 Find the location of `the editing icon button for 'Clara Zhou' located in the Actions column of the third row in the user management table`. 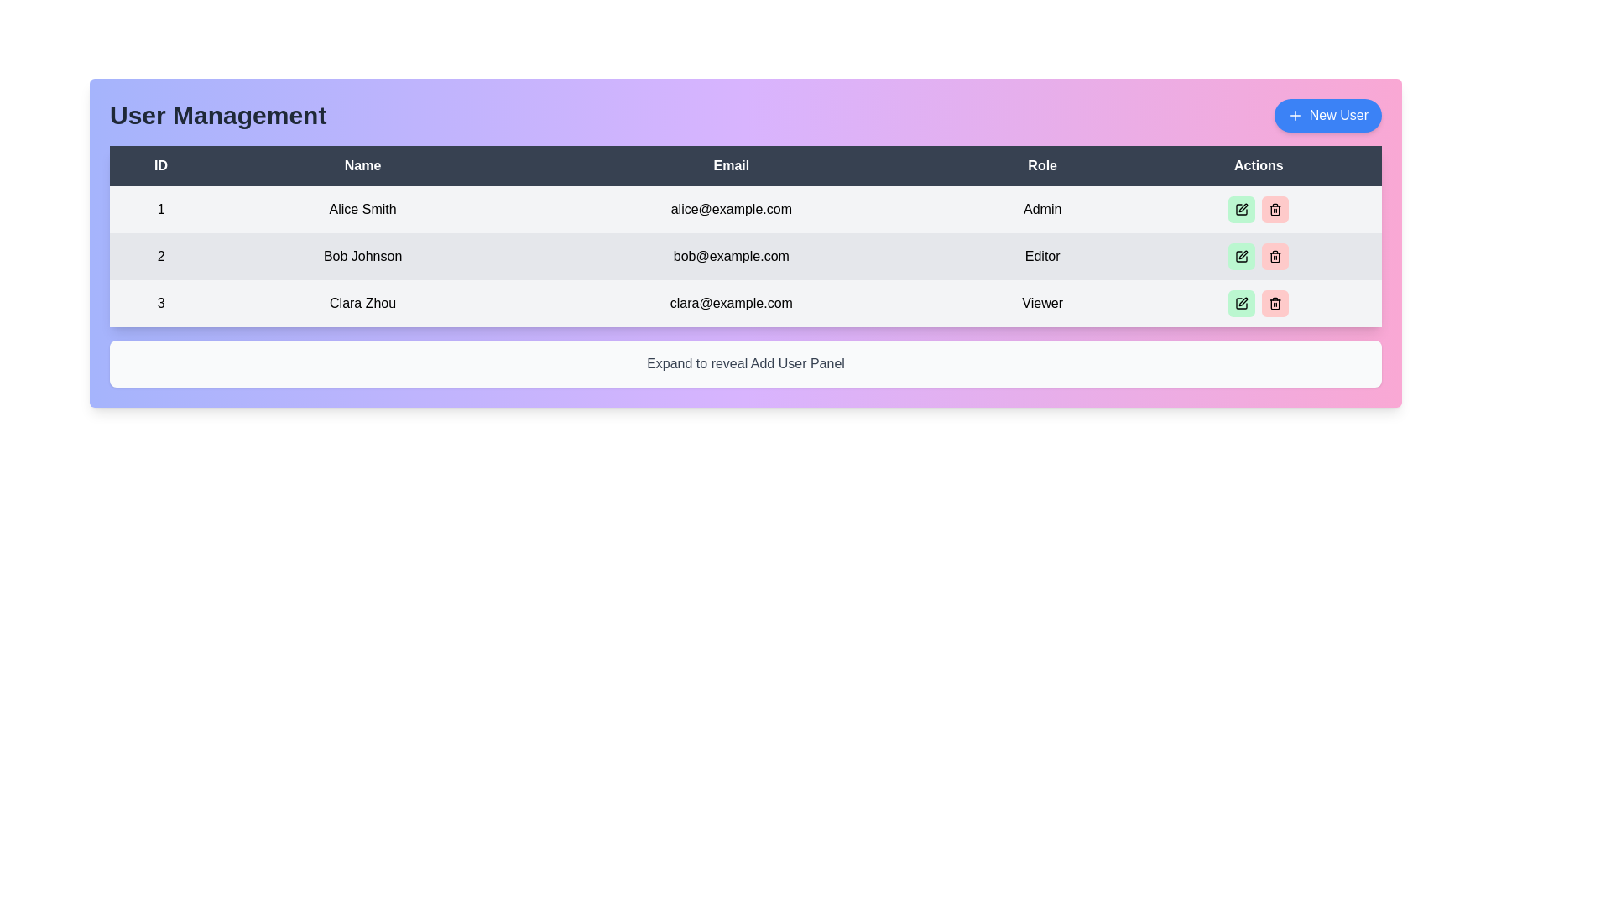

the editing icon button for 'Clara Zhou' located in the Actions column of the third row in the user management table is located at coordinates (1242, 304).